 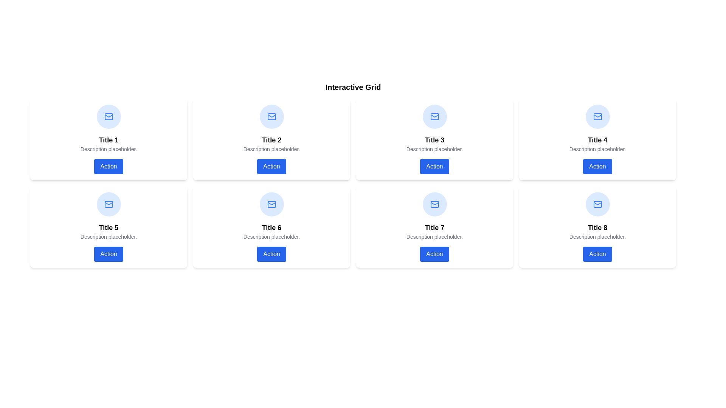 I want to click on the decorative mail icon located at the top center of the 'Title 8' section, which symbolizes email functionalities, so click(x=597, y=204).